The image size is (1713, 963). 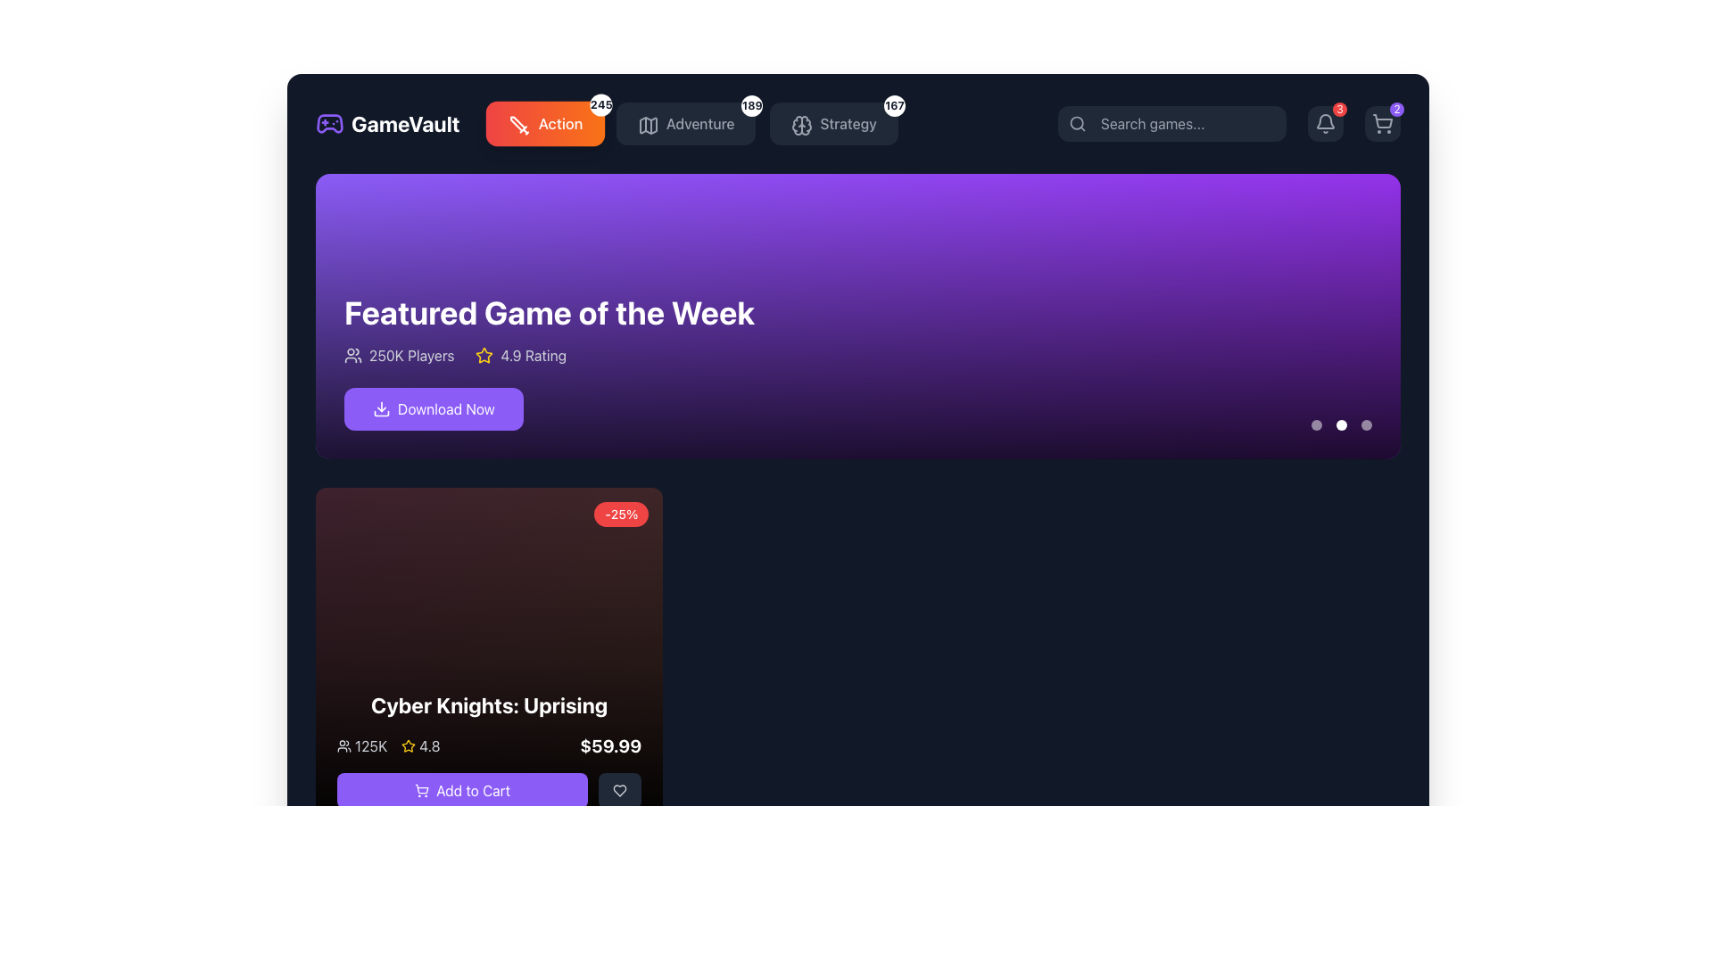 I want to click on the Notification badge, which is a small circular badge with a white background, dark text '245', and a bold red border, located at the top-right corner of the 'Action' button, so click(x=600, y=105).